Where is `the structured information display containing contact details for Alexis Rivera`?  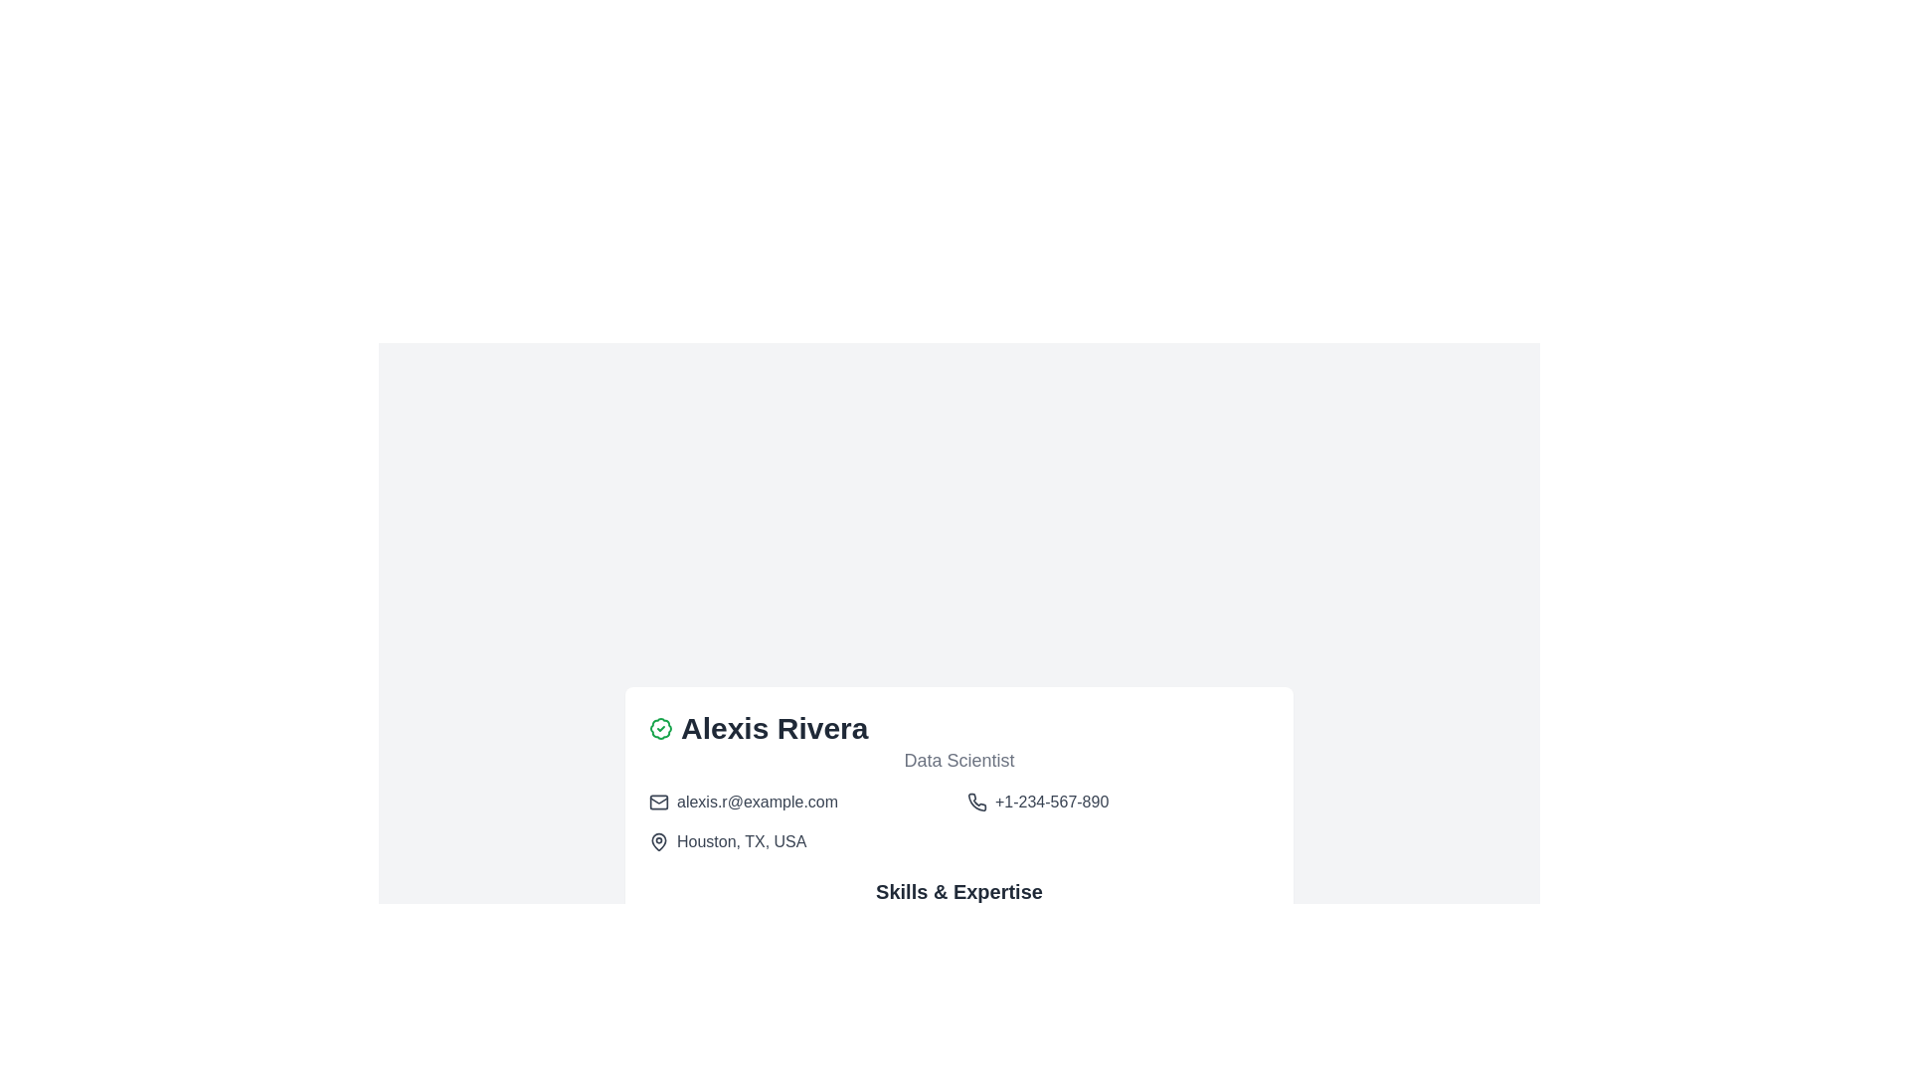 the structured information display containing contact details for Alexis Rivera is located at coordinates (958, 821).